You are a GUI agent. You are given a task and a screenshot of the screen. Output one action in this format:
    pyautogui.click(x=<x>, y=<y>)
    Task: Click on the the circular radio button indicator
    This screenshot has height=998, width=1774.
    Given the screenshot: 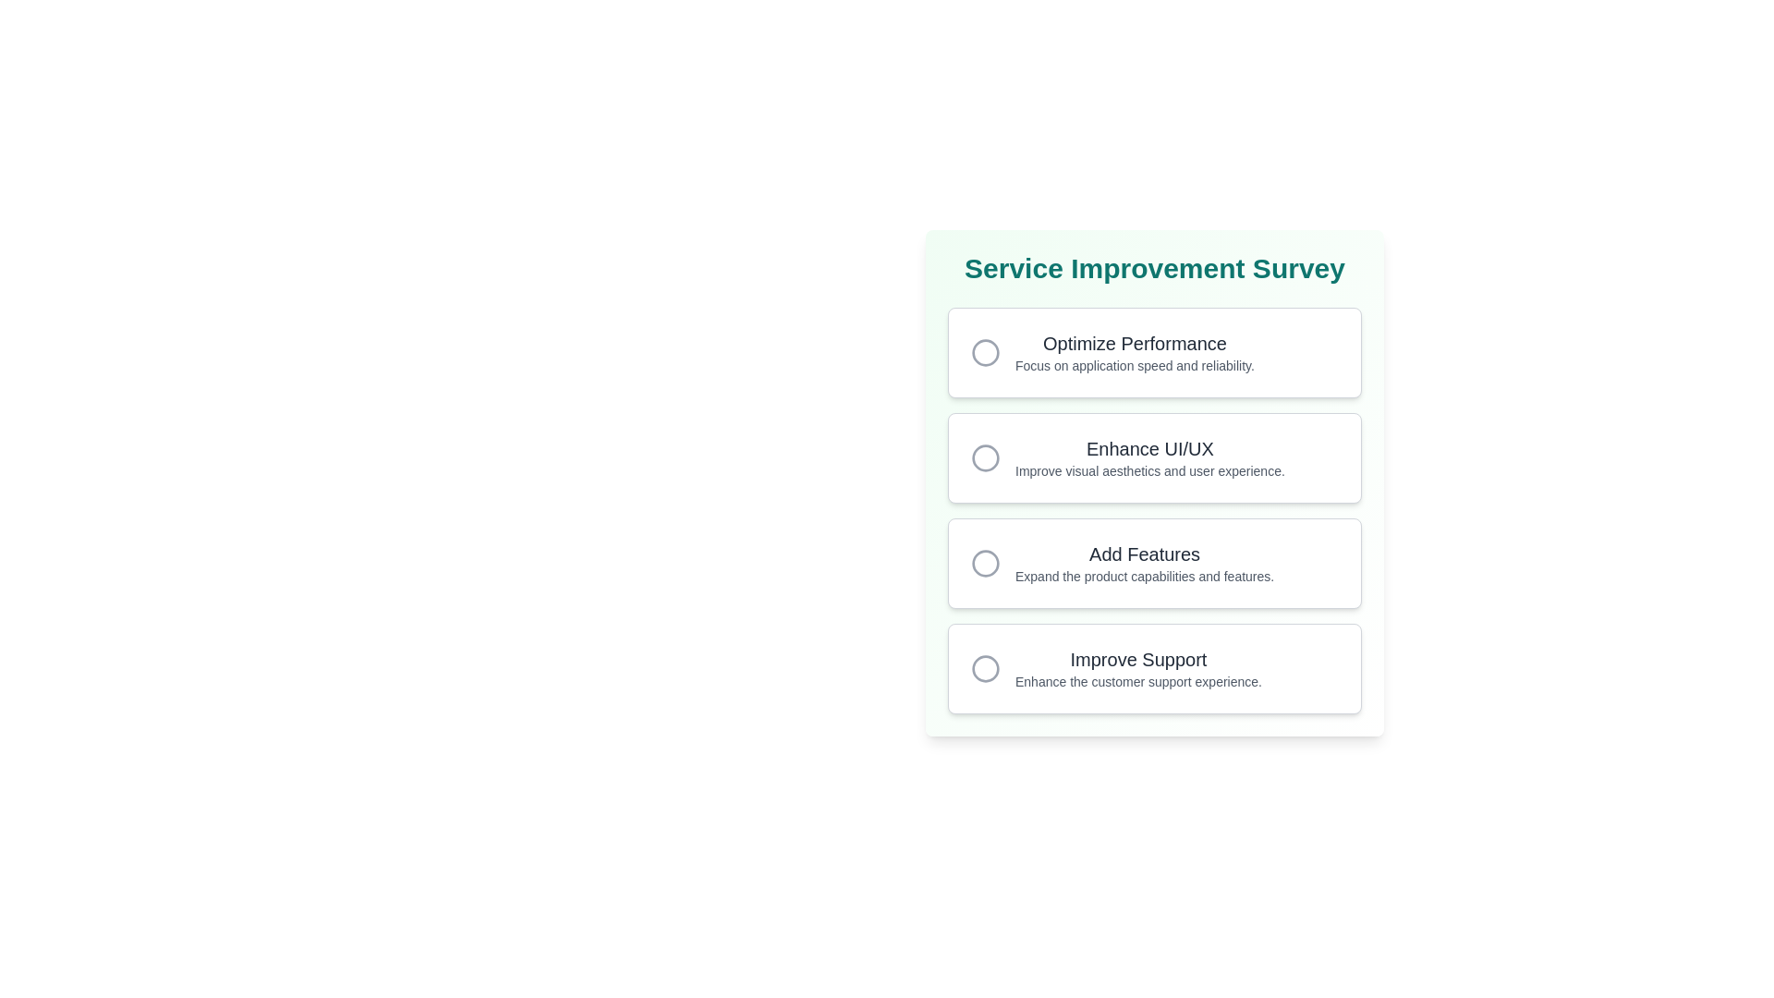 What is the action you would take?
    pyautogui.click(x=984, y=562)
    